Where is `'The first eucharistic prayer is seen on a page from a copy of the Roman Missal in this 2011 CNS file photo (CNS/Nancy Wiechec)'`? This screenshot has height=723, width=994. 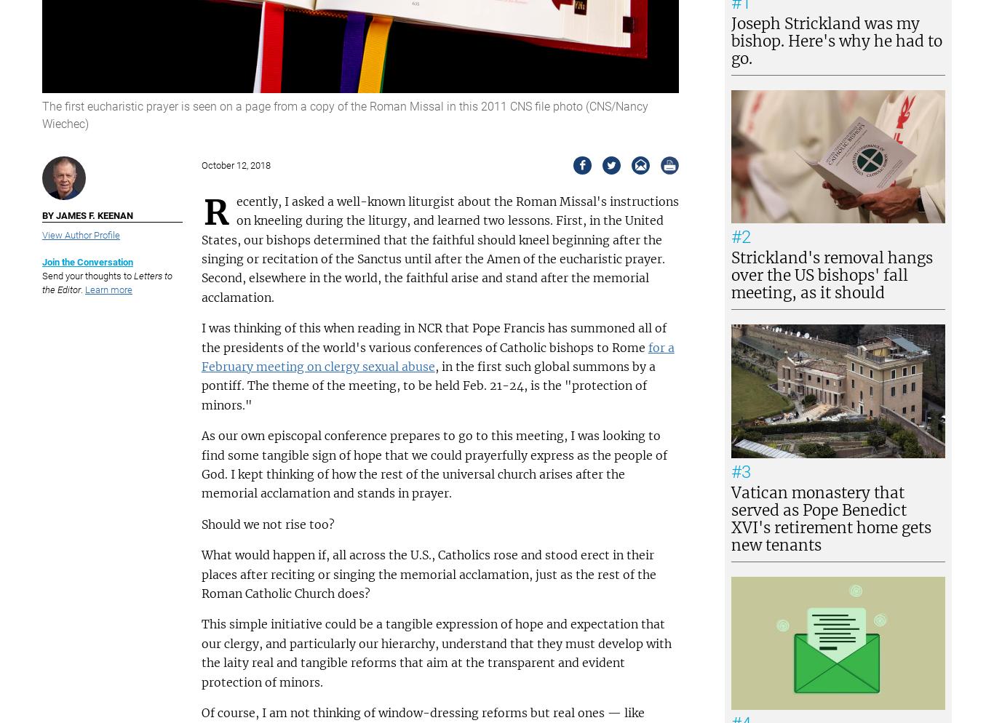 'The first eucharistic prayer is seen on a page from a copy of the Roman Missal in this 2011 CNS file photo (CNS/Nancy Wiechec)' is located at coordinates (345, 114).